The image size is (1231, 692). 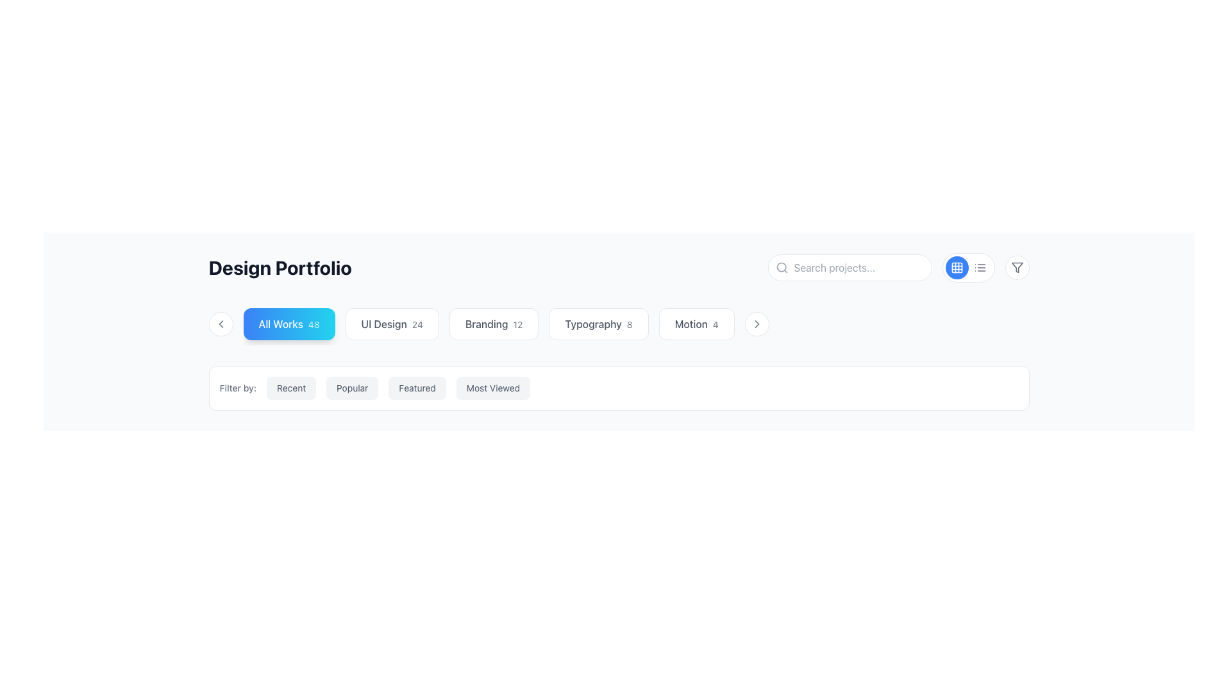 What do you see at coordinates (221, 323) in the screenshot?
I see `the navigation button located at the far left side of the horizontal list of categorized buttons titled 'All Works', 'UI Design', etc` at bounding box center [221, 323].